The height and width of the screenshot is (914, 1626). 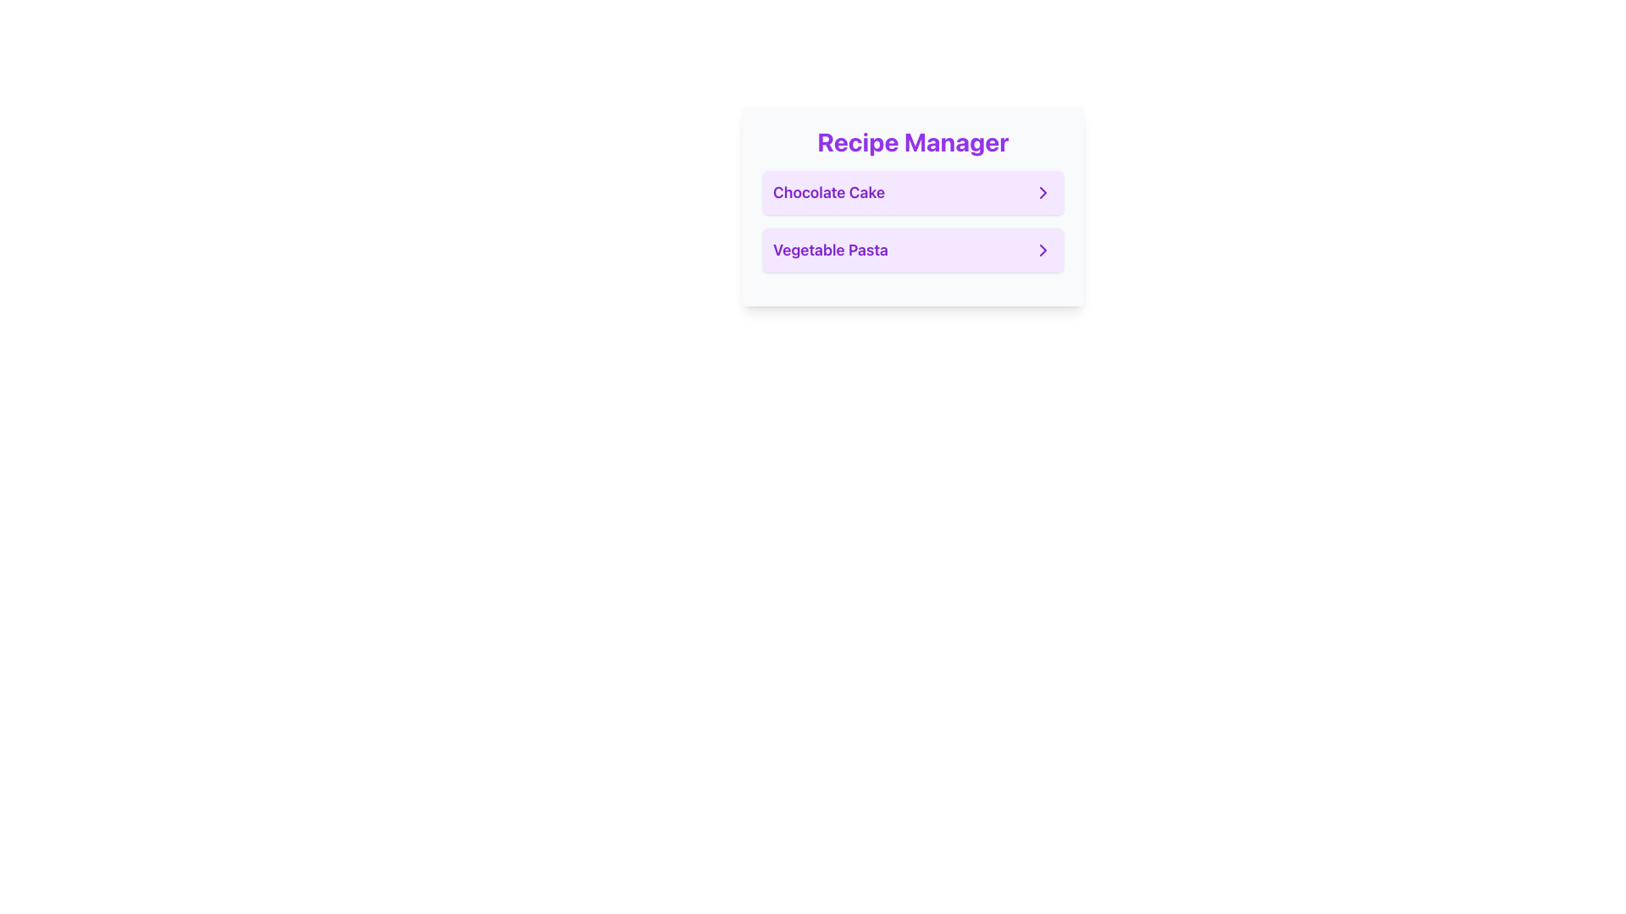 I want to click on the 'Chocolate Cake' button, which is a rectangular button with a white background and rounded corners, located under the 'Recipe Manager' section, so click(x=912, y=191).